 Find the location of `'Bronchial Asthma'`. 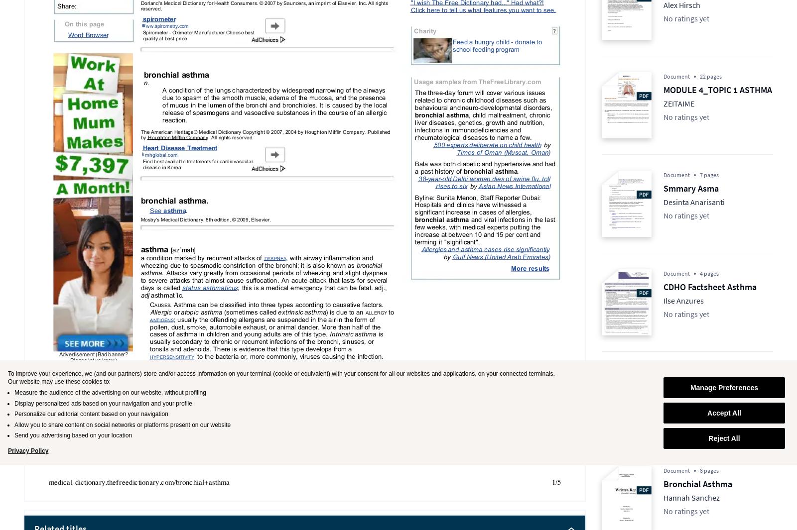

'Bronchial Asthma' is located at coordinates (663, 484).